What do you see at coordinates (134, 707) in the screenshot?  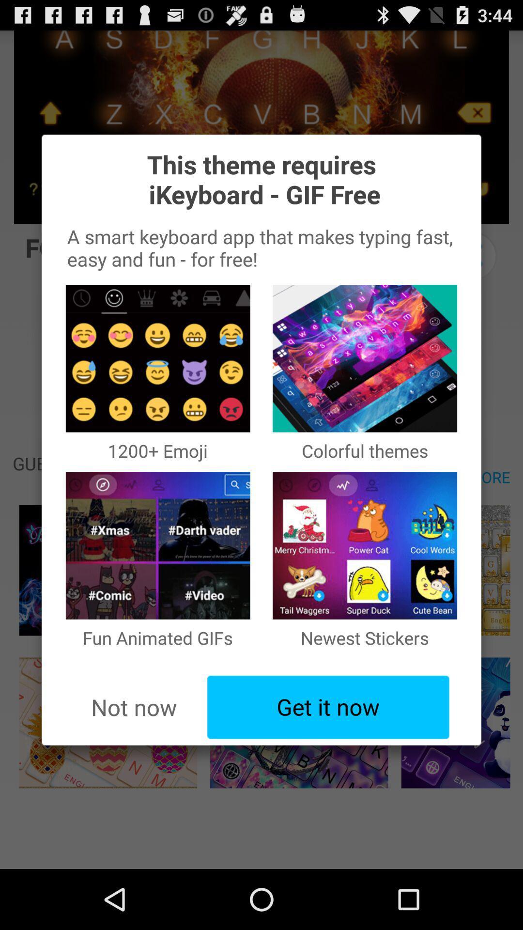 I see `icon to the left of the get it now button` at bounding box center [134, 707].